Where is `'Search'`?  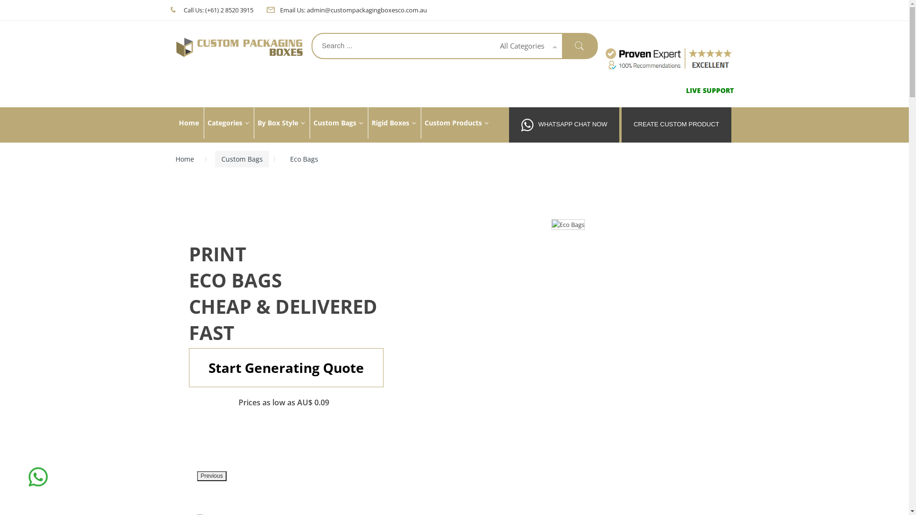 'Search' is located at coordinates (579, 46).